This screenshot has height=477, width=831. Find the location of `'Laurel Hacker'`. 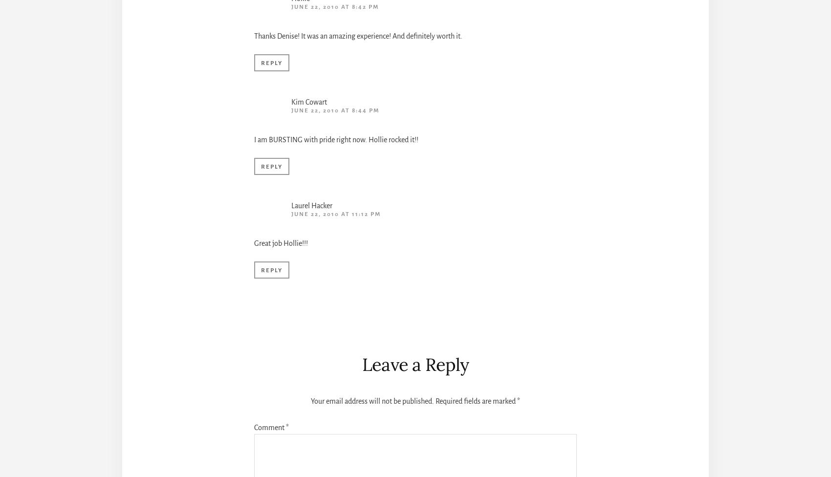

'Laurel Hacker' is located at coordinates (312, 205).